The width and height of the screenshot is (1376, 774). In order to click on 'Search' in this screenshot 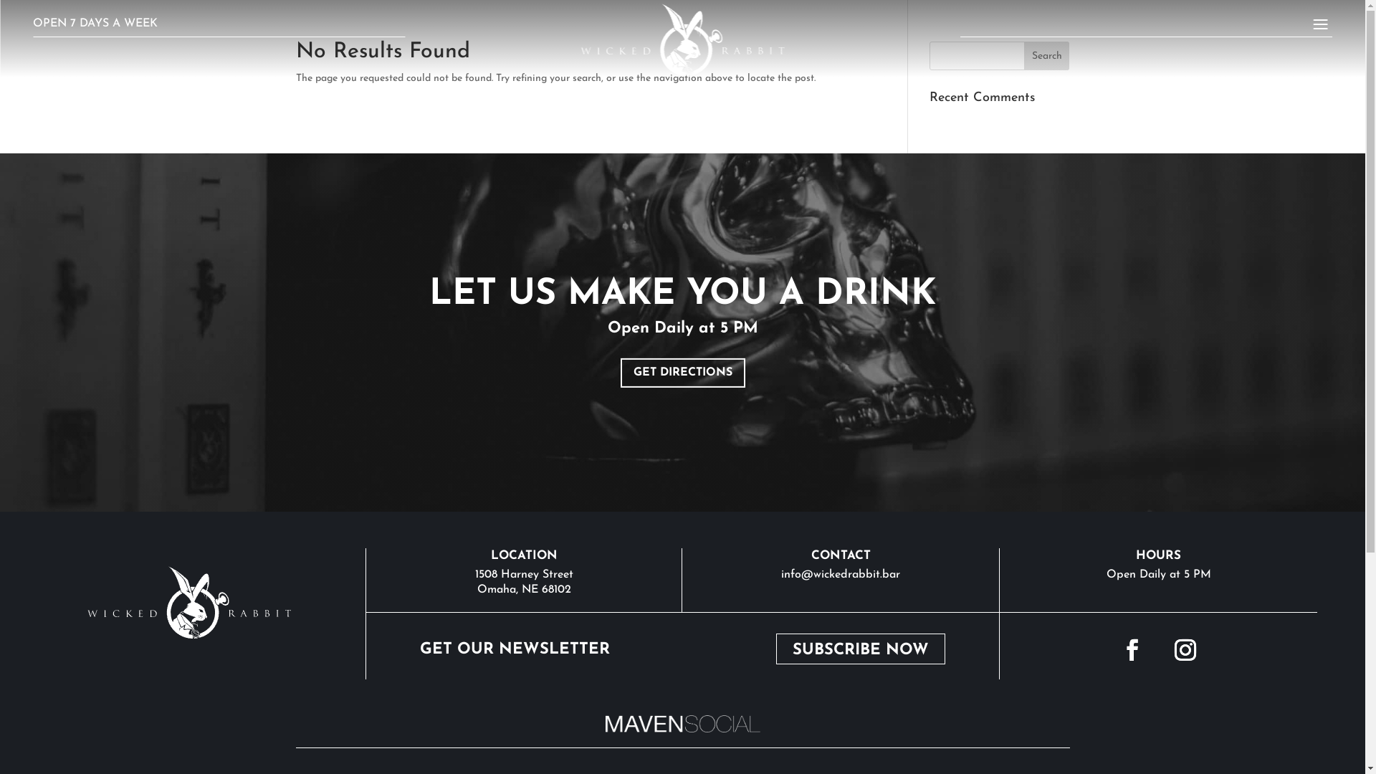, I will do `click(1023, 54)`.